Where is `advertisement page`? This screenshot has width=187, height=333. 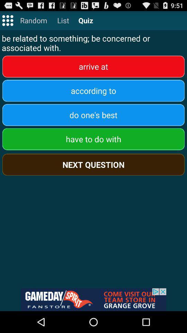
advertisement page is located at coordinates (93, 299).